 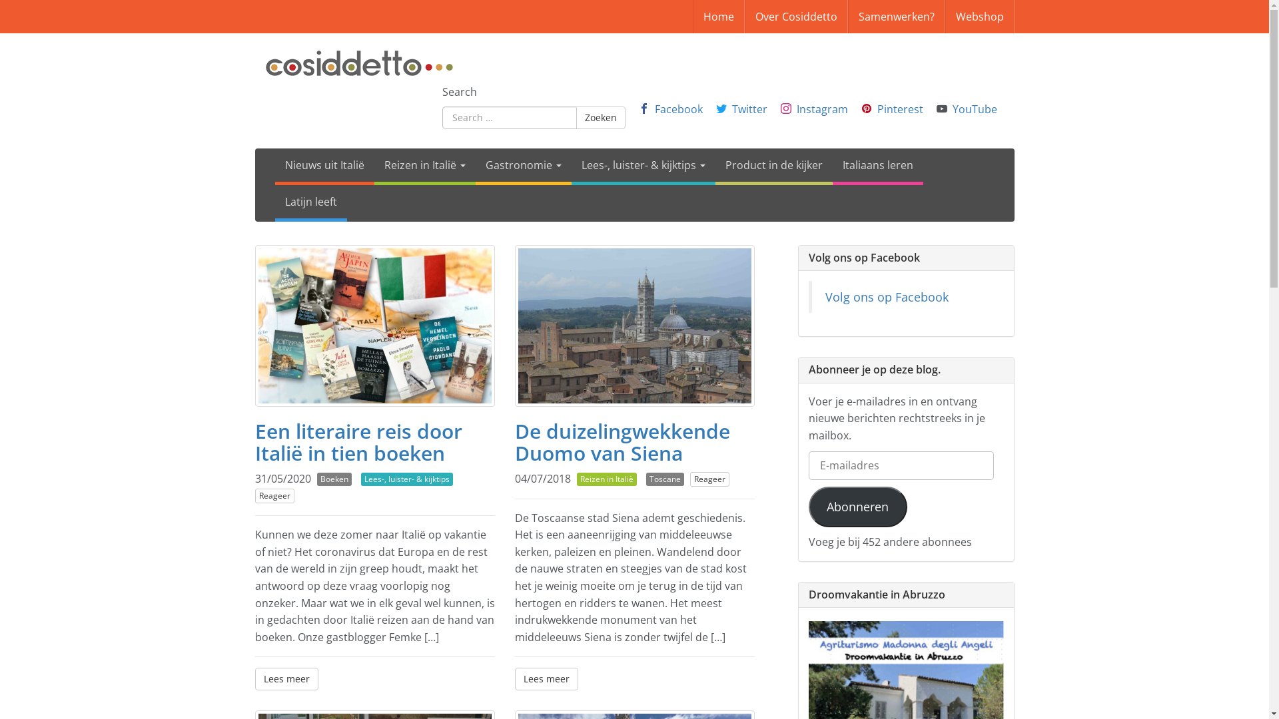 I want to click on 'Abonneren', so click(x=858, y=507).